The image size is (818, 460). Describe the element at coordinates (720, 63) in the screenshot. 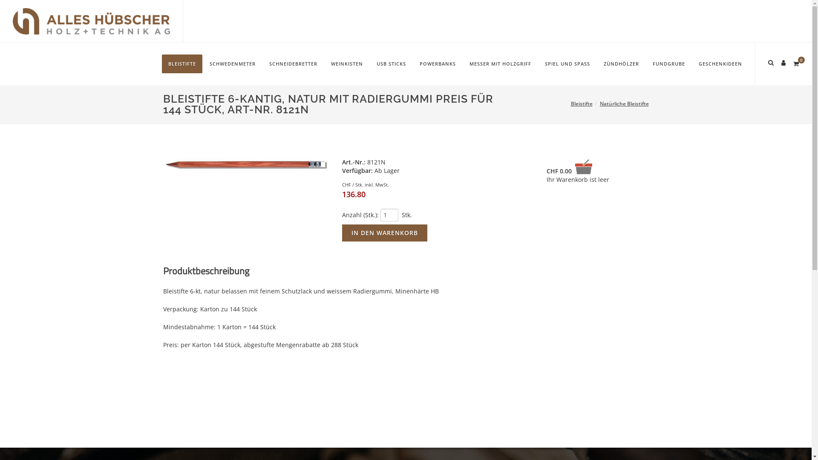

I see `'GESCHENKIDEEN'` at that location.